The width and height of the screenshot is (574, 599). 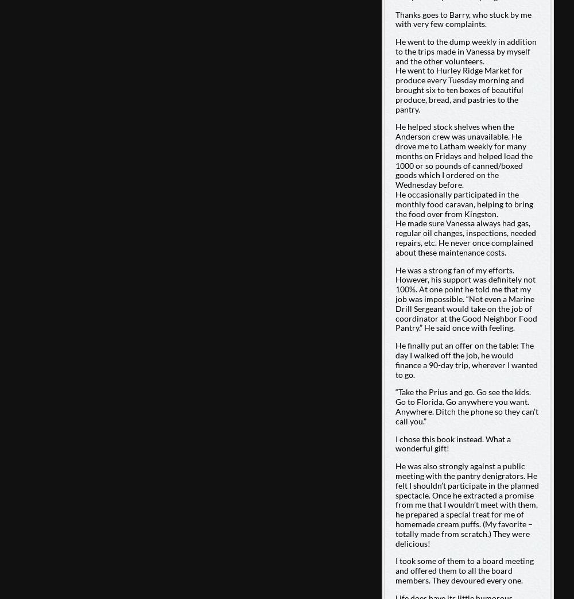 What do you see at coordinates (466, 359) in the screenshot?
I see `'He finally put an offer on the table: The day I walked off the job, he would finance a 90-day trip, wherever I wanted to go.'` at bounding box center [466, 359].